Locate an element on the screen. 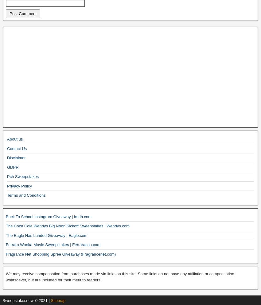 This screenshot has width=261, height=305. 'Disclaimer' is located at coordinates (16, 158).